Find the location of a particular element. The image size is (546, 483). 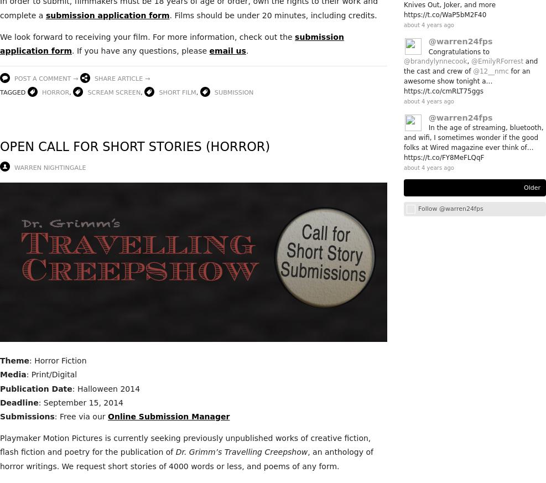

'Open Call for Short Stories (Horror)' is located at coordinates (134, 146).